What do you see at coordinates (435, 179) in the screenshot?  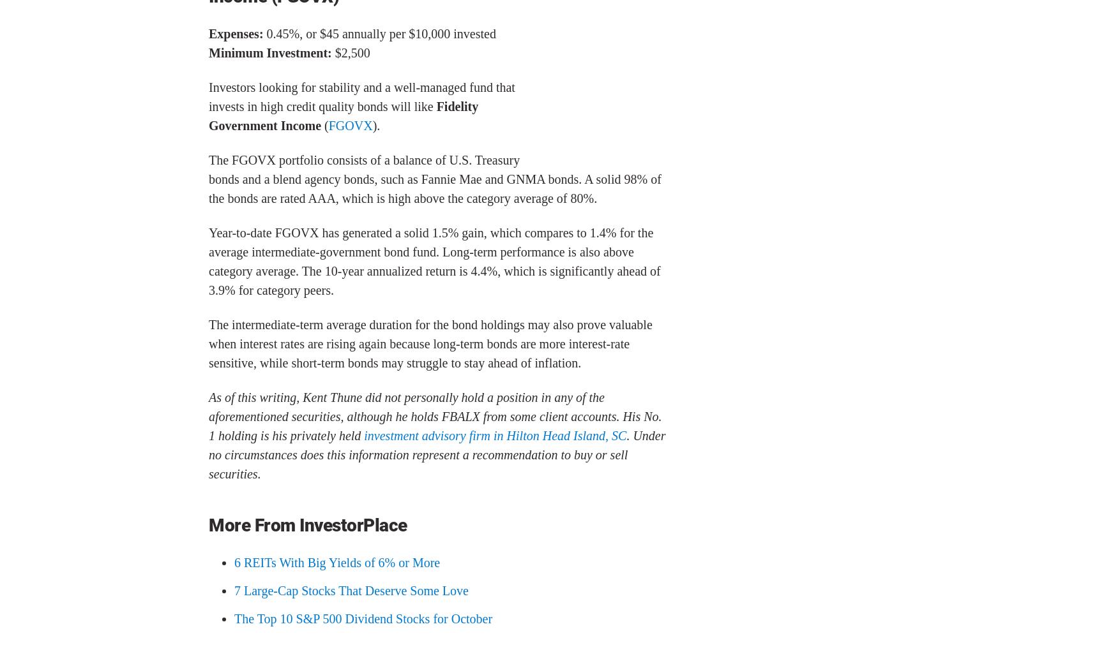 I see `'The FGOVX portfolio consists of a balance of U.S. Treasury bonds and a blend agency bonds, such as Fannie Mae and GNMA bonds. A solid 98% of the bonds are rated AAA, which is high above the category average of 80%.'` at bounding box center [435, 179].